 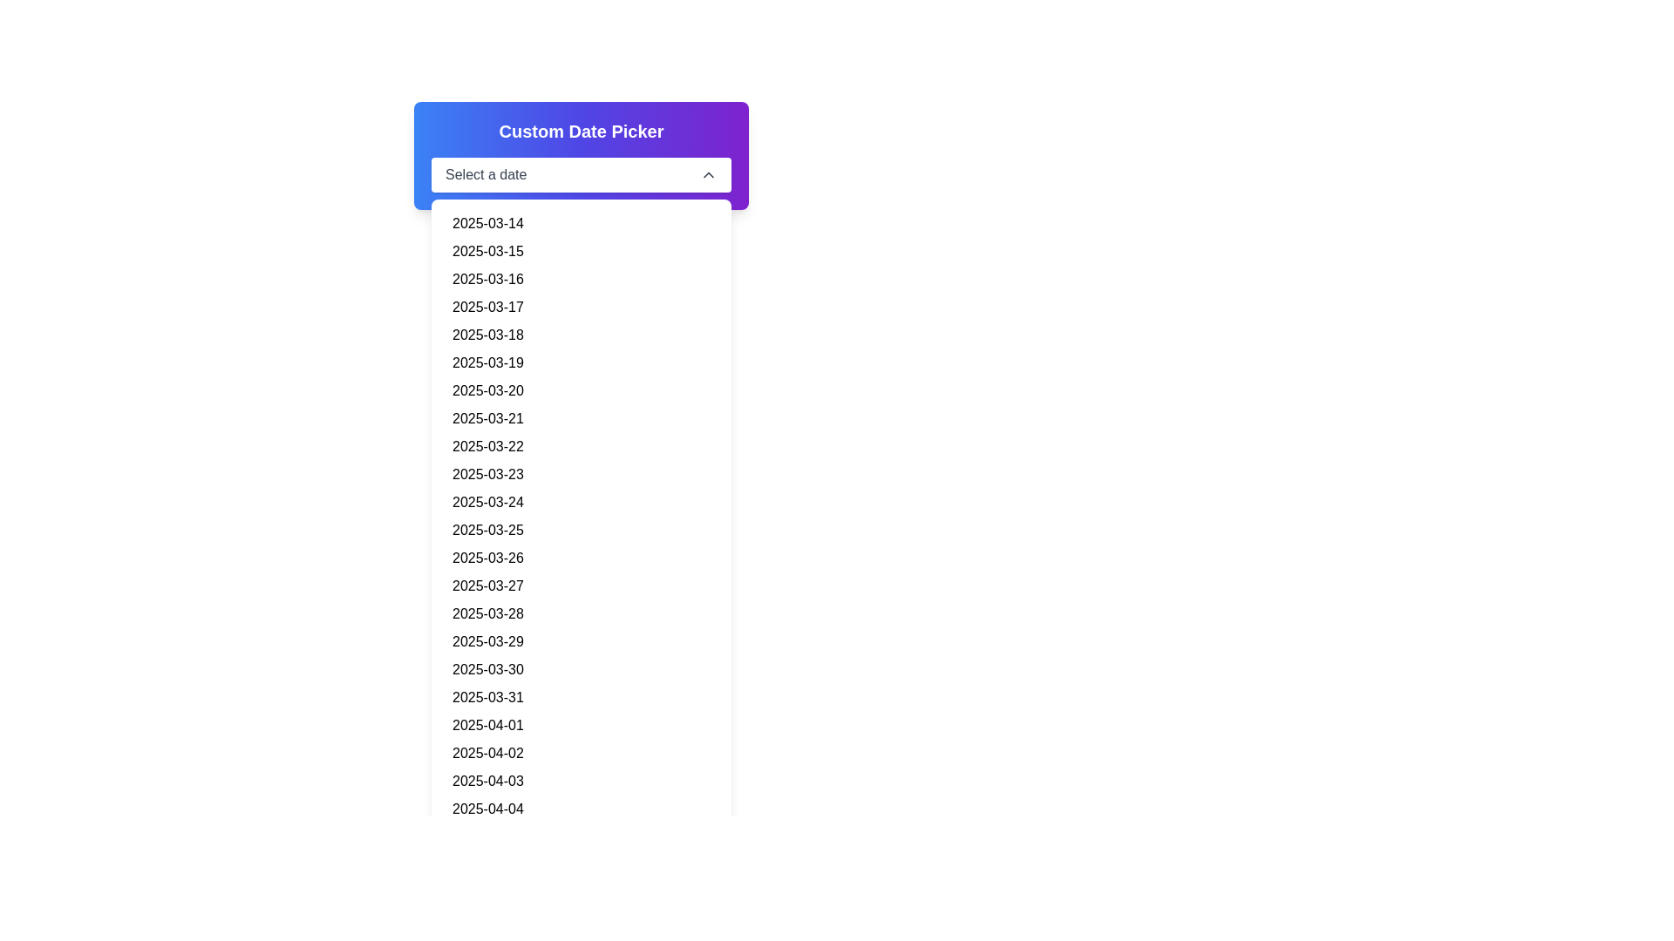 What do you see at coordinates (582, 586) in the screenshot?
I see `the list item representing the date '2025-03-27' located centrally in the dropdown at the 14th position` at bounding box center [582, 586].